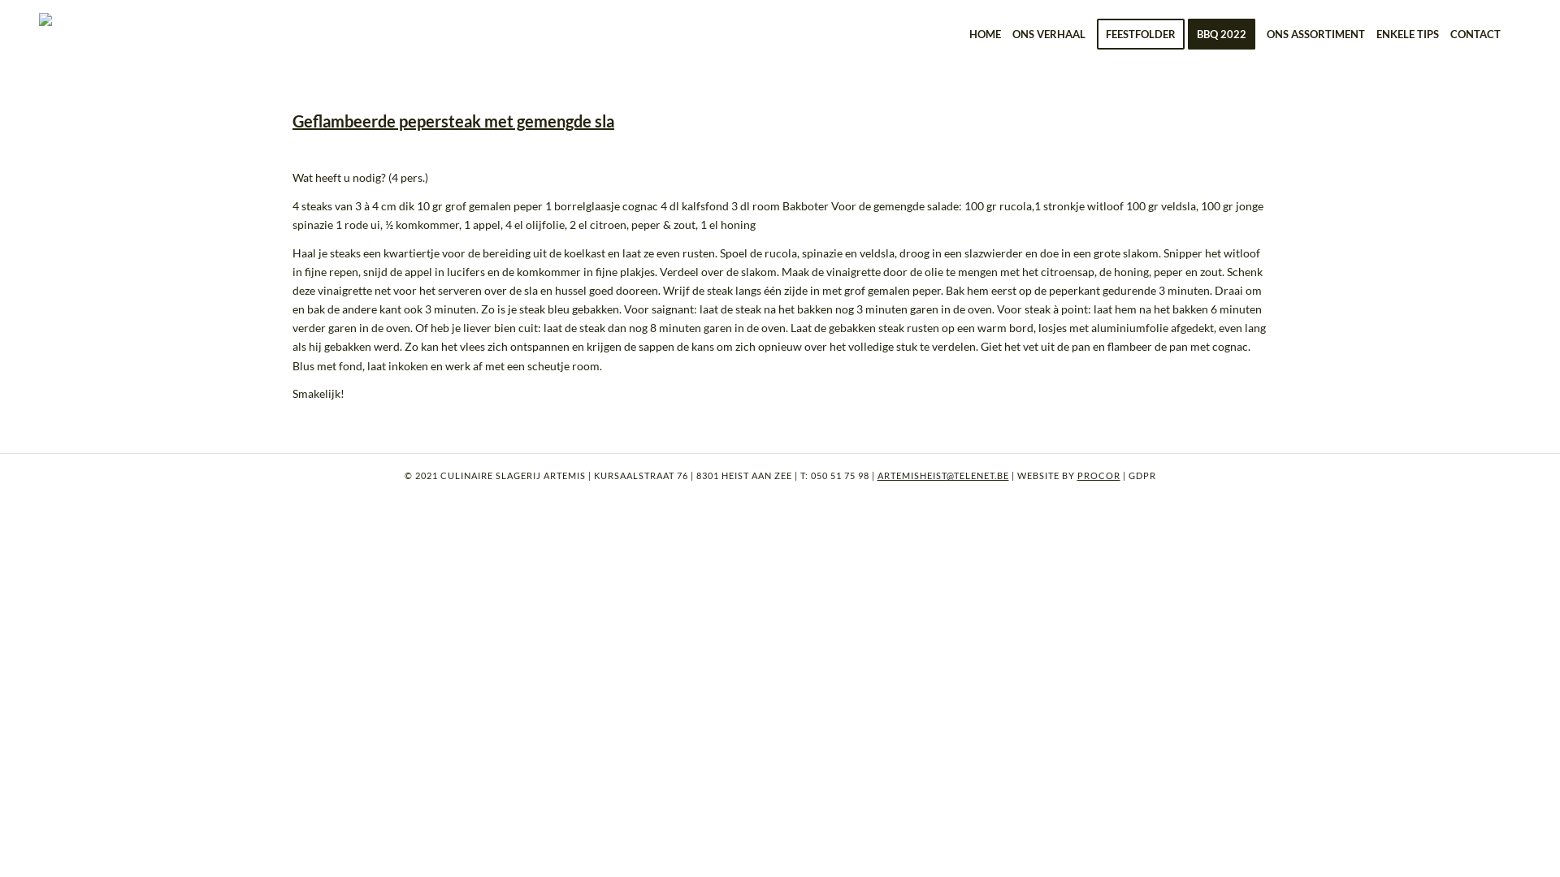 The width and height of the screenshot is (1560, 877). Describe the element at coordinates (1139, 34) in the screenshot. I see `'FEESTFOLDER'` at that location.